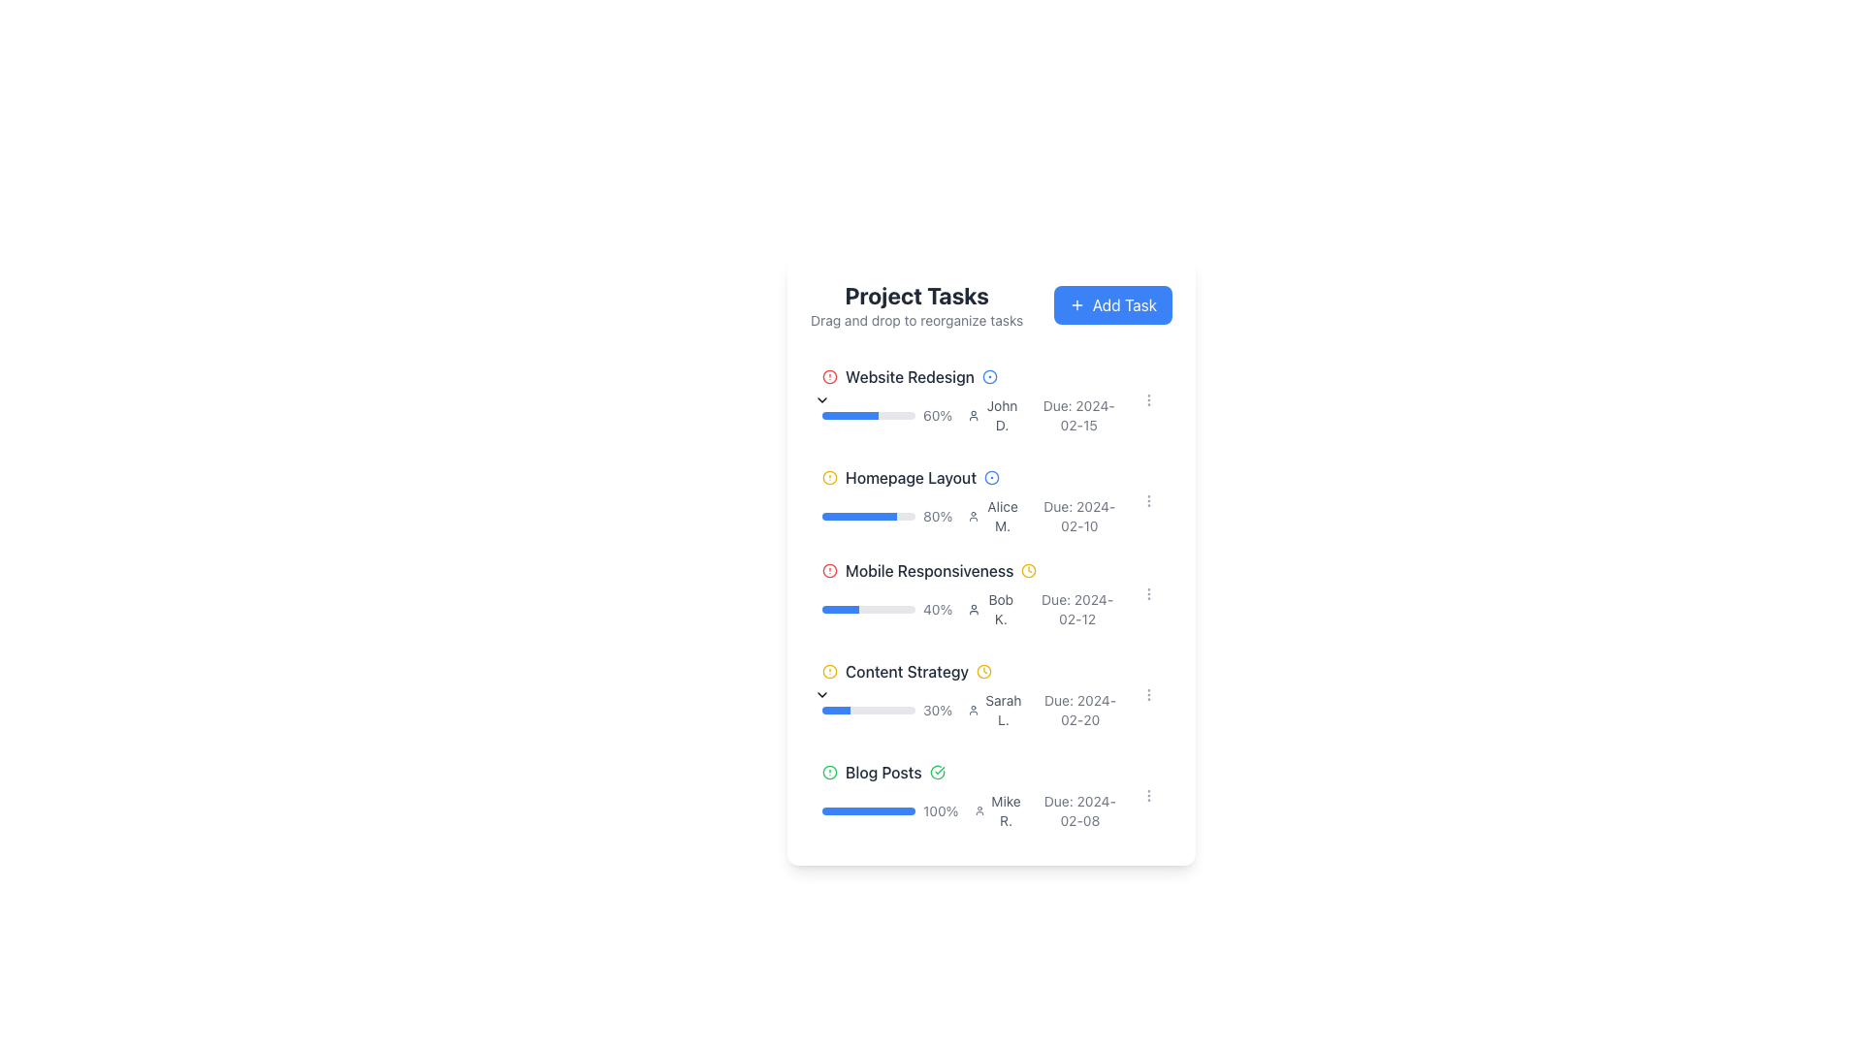 The image size is (1862, 1047). Describe the element at coordinates (836, 710) in the screenshot. I see `the progress indicator that visually represents 30% completion, located on the same horizontal level as the 'Content Strategy' bar` at that location.